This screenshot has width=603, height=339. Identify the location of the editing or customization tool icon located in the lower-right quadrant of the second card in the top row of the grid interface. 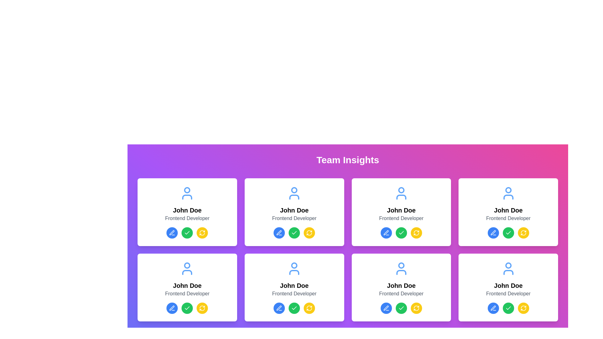
(493, 233).